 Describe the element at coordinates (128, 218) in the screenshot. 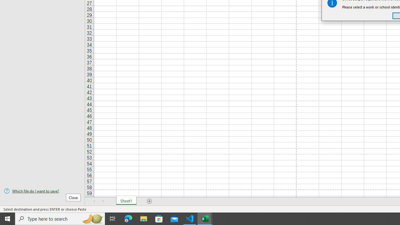

I see `'Microsoft Edge'` at that location.